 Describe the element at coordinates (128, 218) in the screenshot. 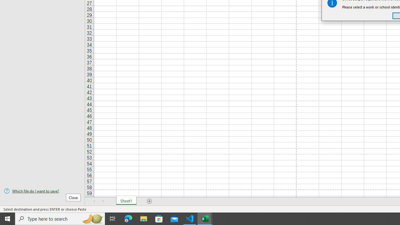

I see `'Microsoft Edge'` at that location.